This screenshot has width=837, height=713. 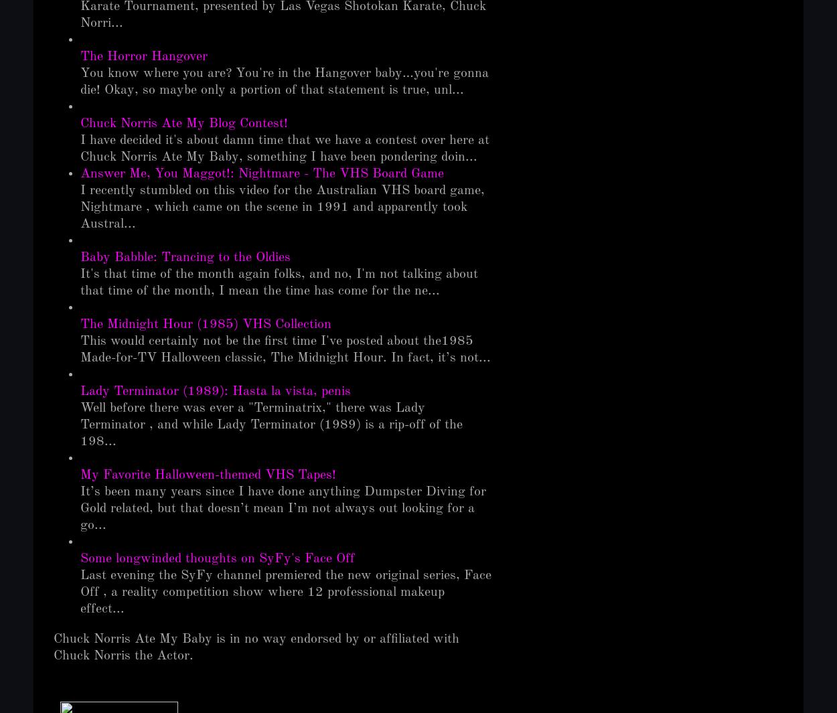 What do you see at coordinates (271, 424) in the screenshot?
I see `'Well before there was ever a "Terminatrix," there was Lady Terminator , and while Lady Terminator  (1989) is a rip-off of the 198...'` at bounding box center [271, 424].